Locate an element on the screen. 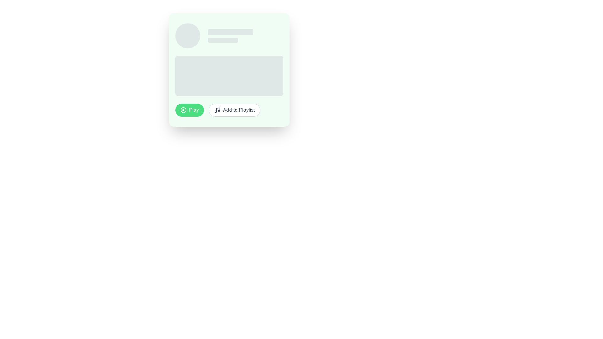 The width and height of the screenshot is (603, 339). the stylized music note icon within the 'Add to Playlist' button, which is located at the bottom of the card interface is located at coordinates (217, 110).